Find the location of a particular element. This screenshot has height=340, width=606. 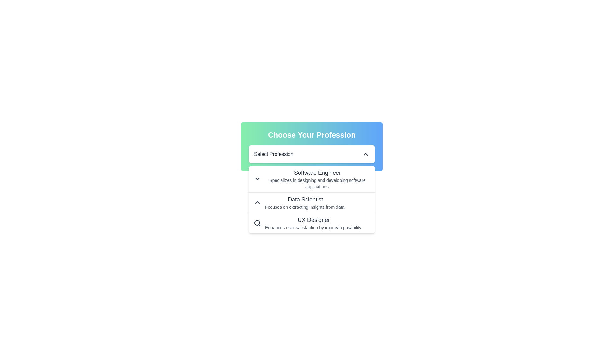

the text block that describes 'Specializes in designing and developing software applications.' located under the title 'Software Engineer' in the 'Choose Your Profession' dropdown card is located at coordinates (318, 183).